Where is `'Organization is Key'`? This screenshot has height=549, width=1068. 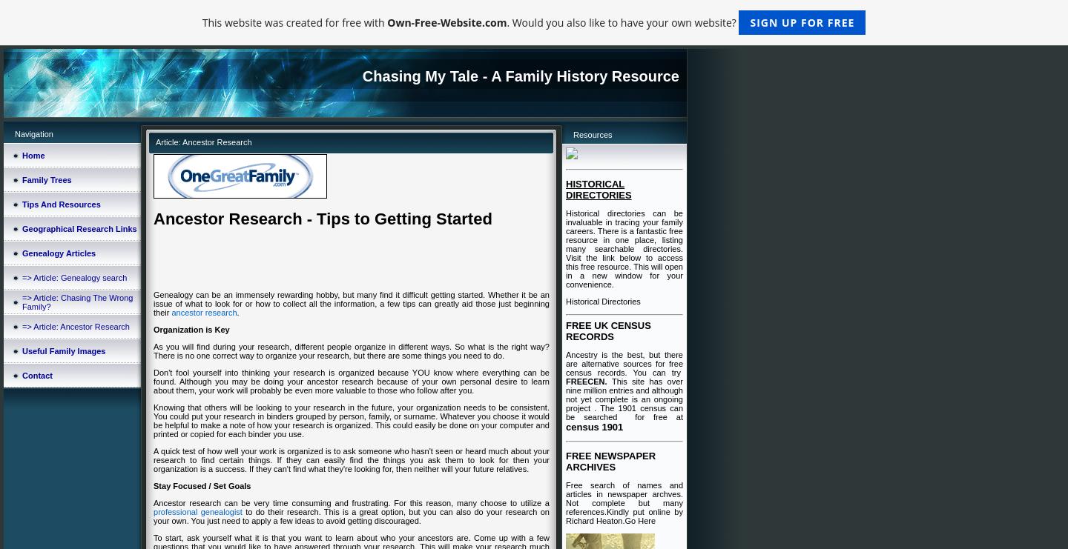 'Organization is Key' is located at coordinates (191, 329).